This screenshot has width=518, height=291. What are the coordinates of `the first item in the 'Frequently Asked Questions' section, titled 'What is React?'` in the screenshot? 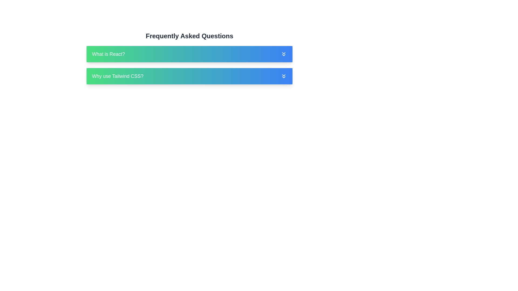 It's located at (189, 58).